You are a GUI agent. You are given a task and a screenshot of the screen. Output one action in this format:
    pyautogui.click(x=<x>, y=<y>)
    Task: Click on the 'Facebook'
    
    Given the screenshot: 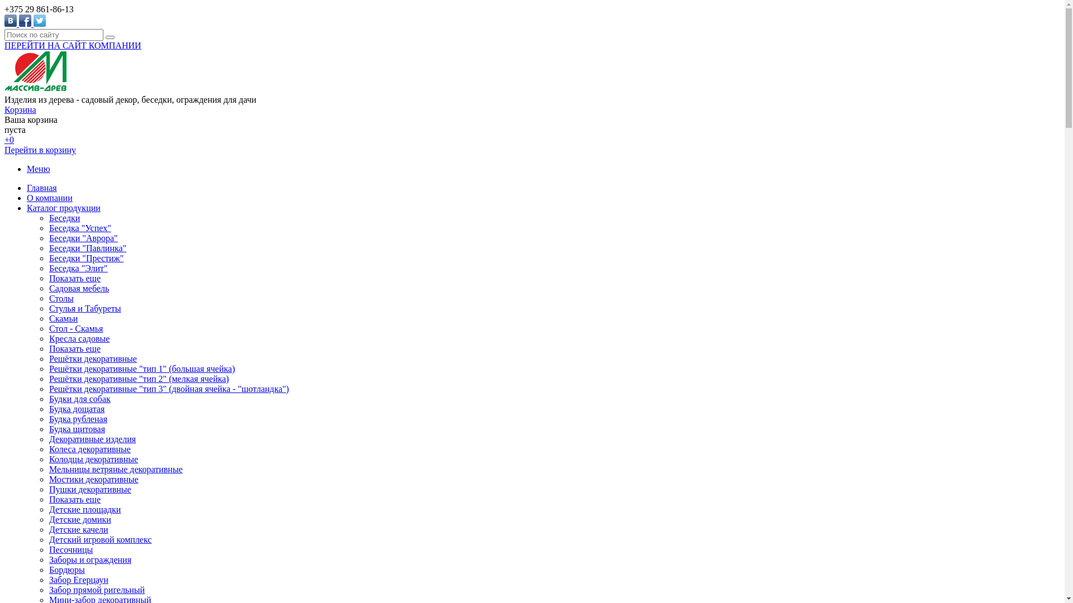 What is the action you would take?
    pyautogui.click(x=25, y=21)
    